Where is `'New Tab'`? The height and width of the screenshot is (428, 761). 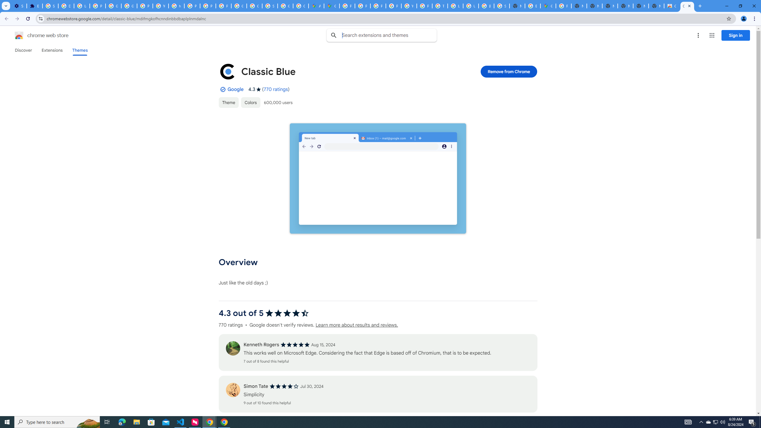 'New Tab' is located at coordinates (656, 6).